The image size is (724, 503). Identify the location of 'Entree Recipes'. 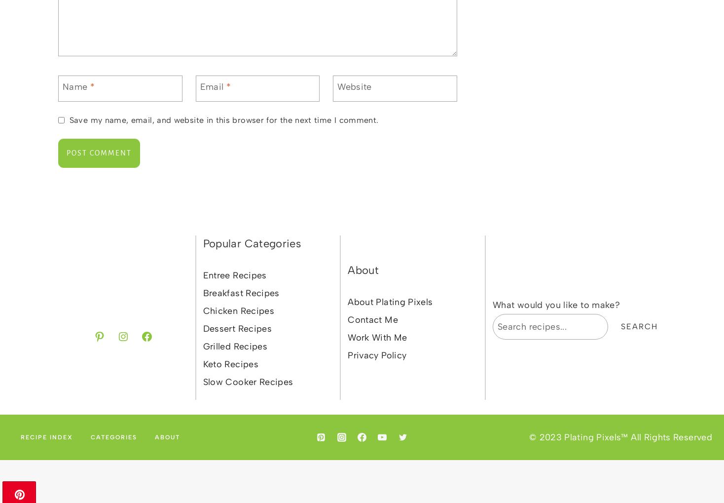
(234, 275).